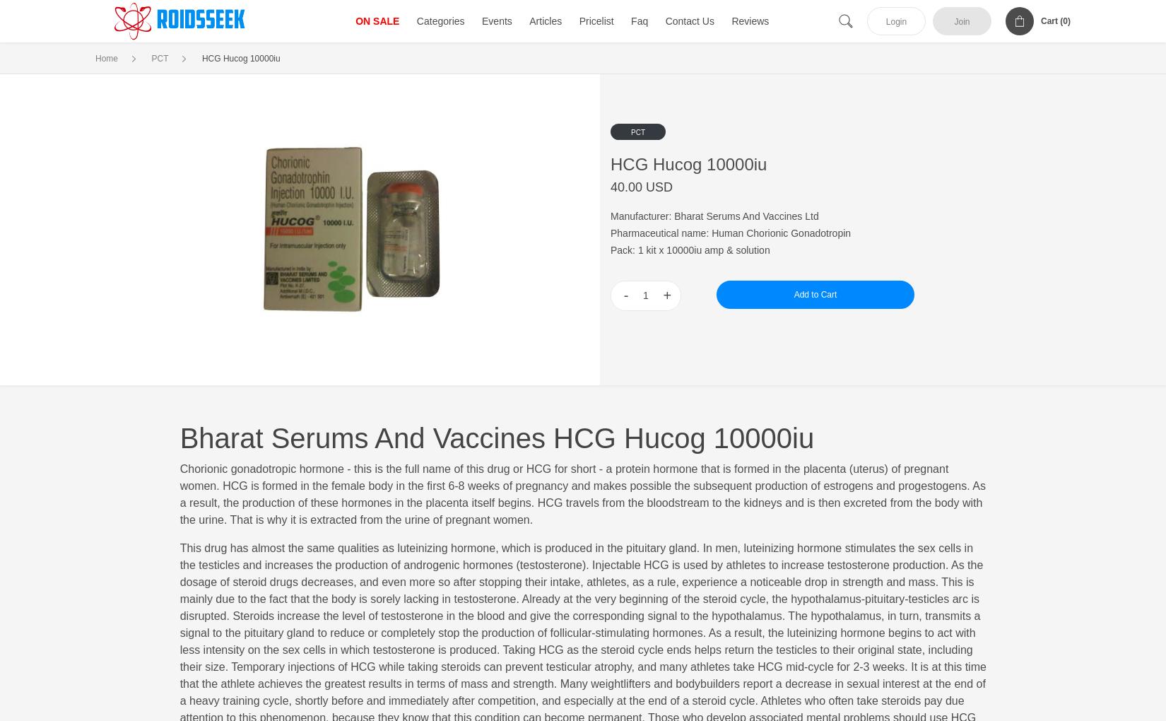 The height and width of the screenshot is (721, 1166). Describe the element at coordinates (496, 20) in the screenshot. I see `'Events'` at that location.